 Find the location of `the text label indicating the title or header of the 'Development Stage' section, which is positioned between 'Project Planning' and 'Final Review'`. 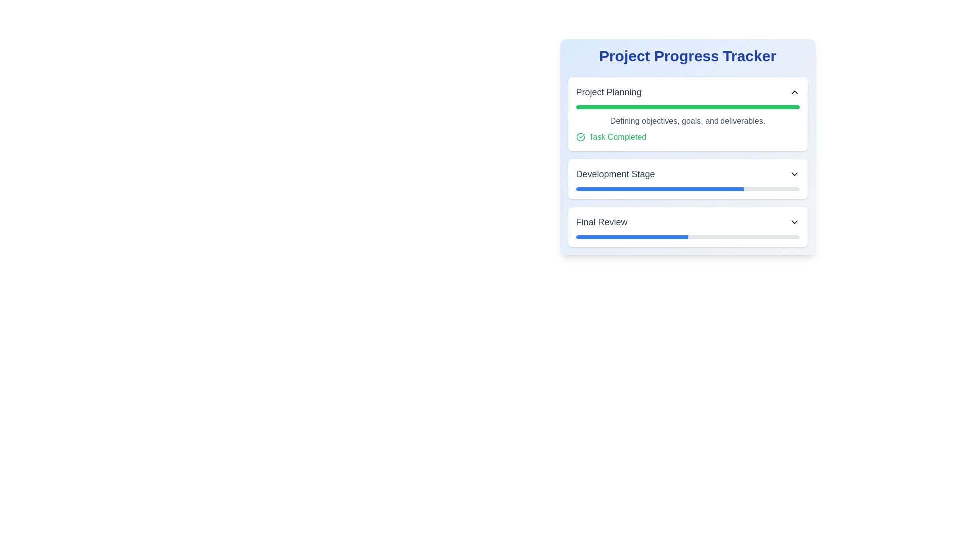

the text label indicating the title or header of the 'Development Stage' section, which is positioned between 'Project Planning' and 'Final Review' is located at coordinates (615, 173).